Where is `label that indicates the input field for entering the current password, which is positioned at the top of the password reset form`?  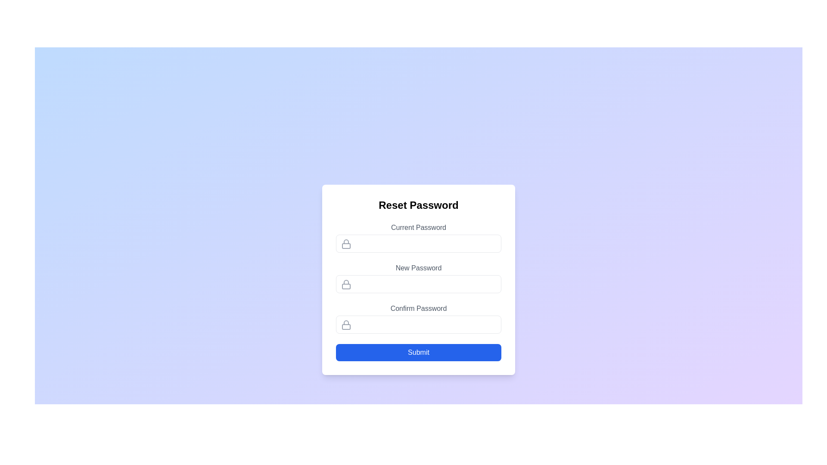
label that indicates the input field for entering the current password, which is positioned at the top of the password reset form is located at coordinates (418, 227).